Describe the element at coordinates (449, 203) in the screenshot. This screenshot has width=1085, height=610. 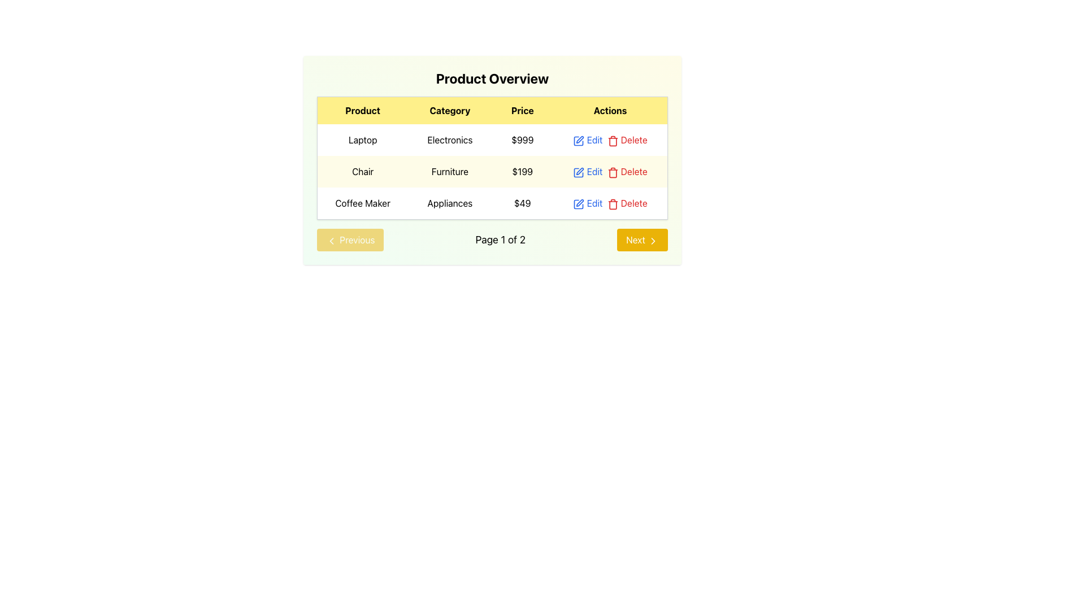
I see `the text label indicating the category of the product in the third row of the table, located between the 'Coffee Maker' and '$49' cells` at that location.